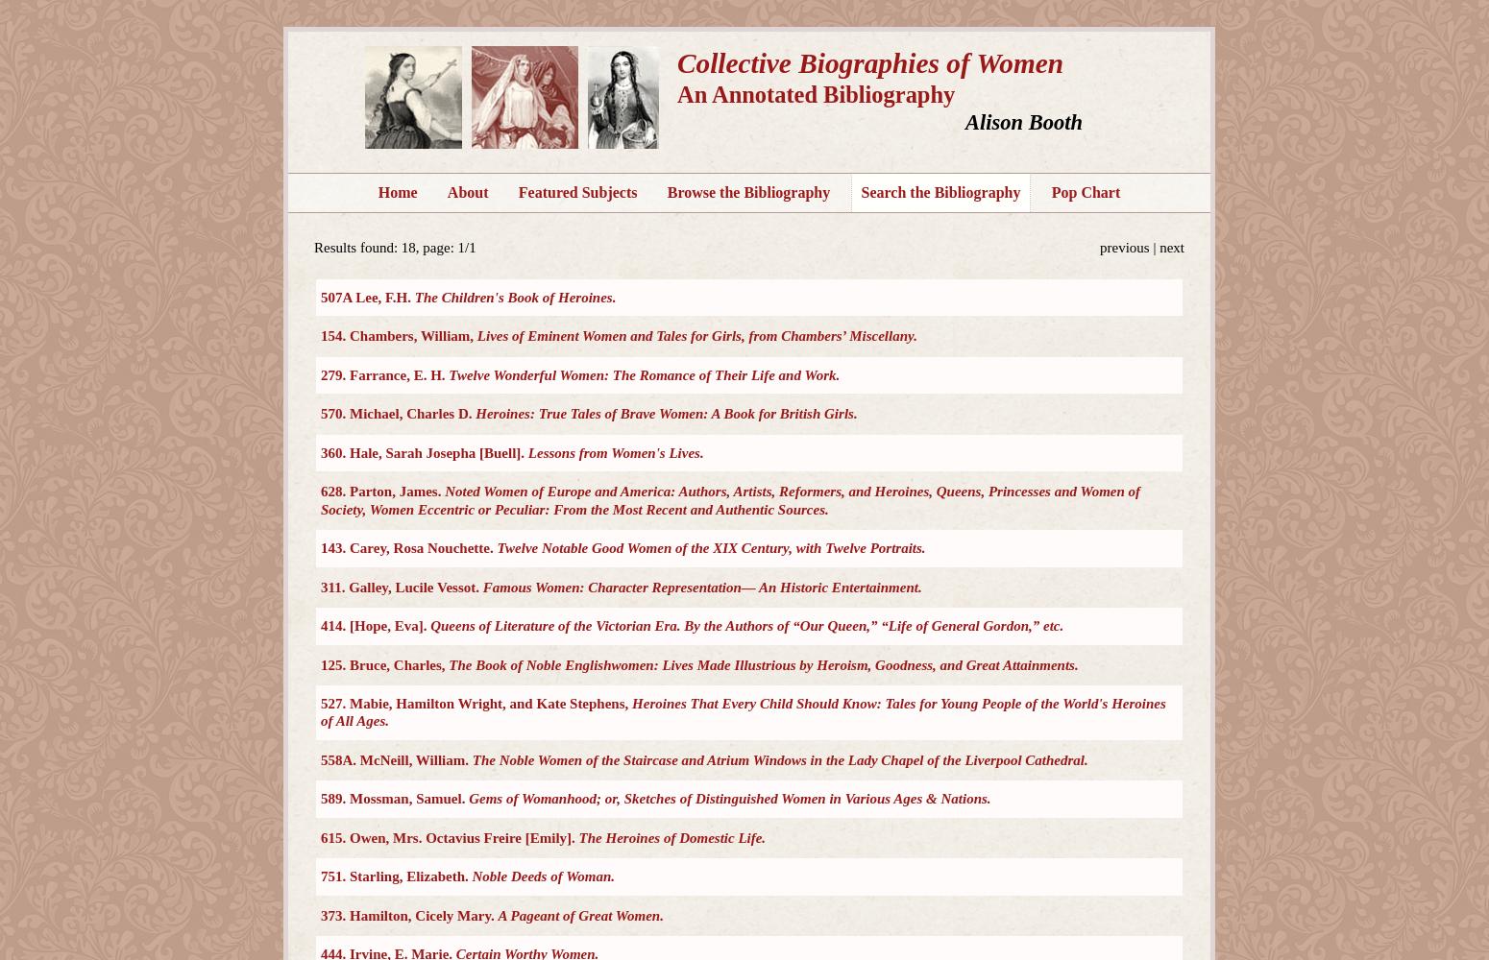 This screenshot has width=1489, height=960. What do you see at coordinates (398, 414) in the screenshot?
I see `'570. Michael, Charles D.'` at bounding box center [398, 414].